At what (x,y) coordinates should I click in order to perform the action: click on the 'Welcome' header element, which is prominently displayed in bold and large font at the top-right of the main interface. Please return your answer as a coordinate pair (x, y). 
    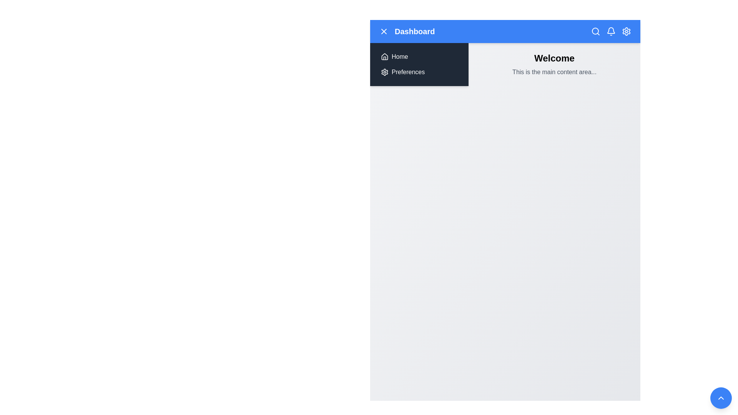
    Looking at the image, I should click on (554, 58).